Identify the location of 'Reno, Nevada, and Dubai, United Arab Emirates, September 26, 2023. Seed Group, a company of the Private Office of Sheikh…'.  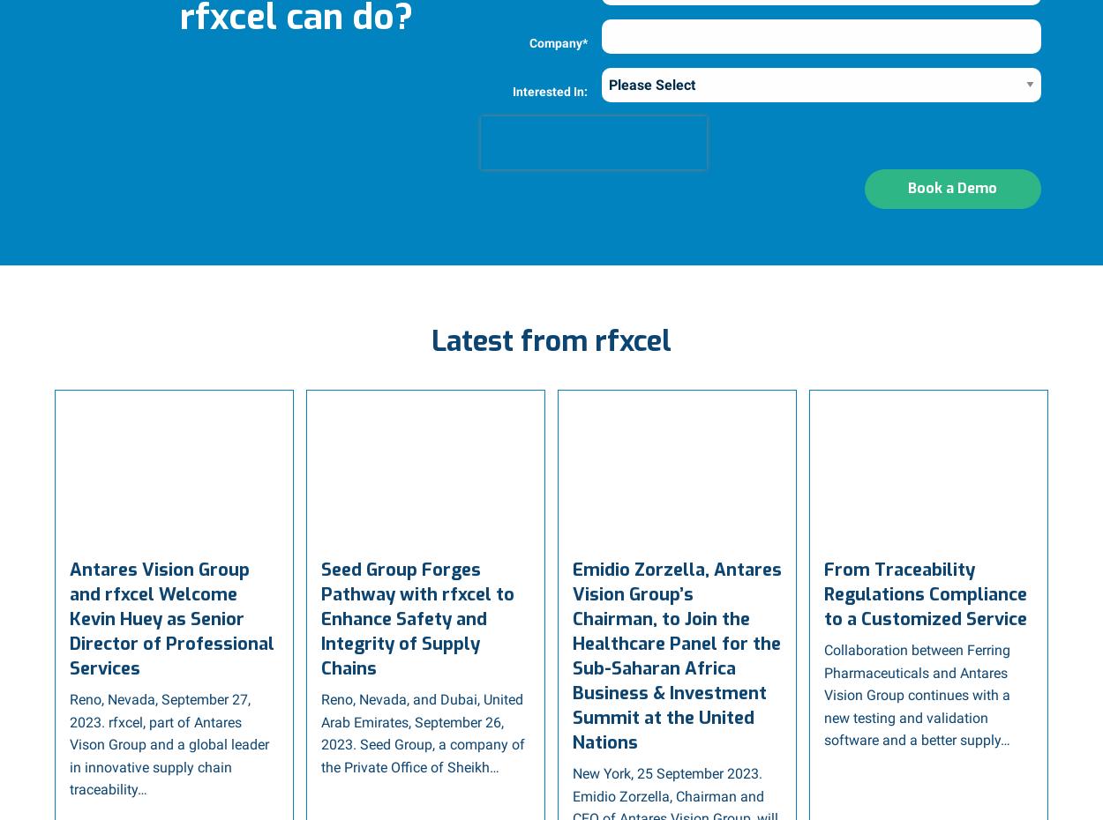
(422, 731).